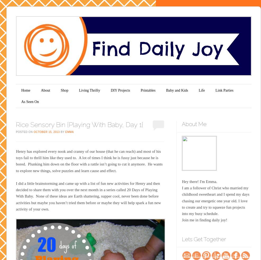  Describe the element at coordinates (158, 124) in the screenshot. I see `'0'` at that location.